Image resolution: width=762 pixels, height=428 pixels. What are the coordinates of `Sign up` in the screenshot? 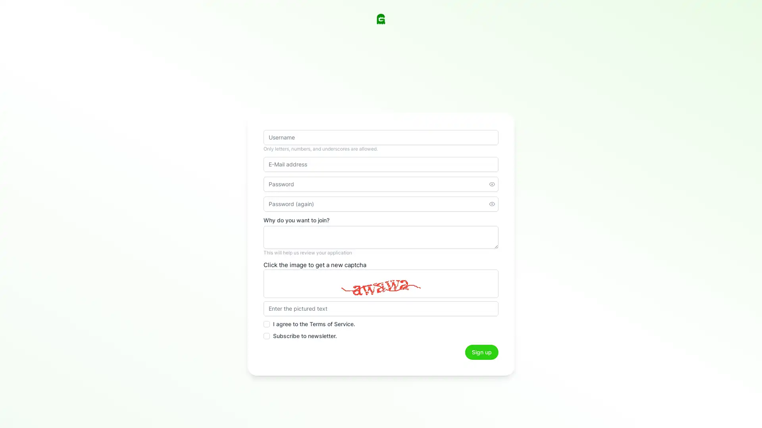 It's located at (481, 352).